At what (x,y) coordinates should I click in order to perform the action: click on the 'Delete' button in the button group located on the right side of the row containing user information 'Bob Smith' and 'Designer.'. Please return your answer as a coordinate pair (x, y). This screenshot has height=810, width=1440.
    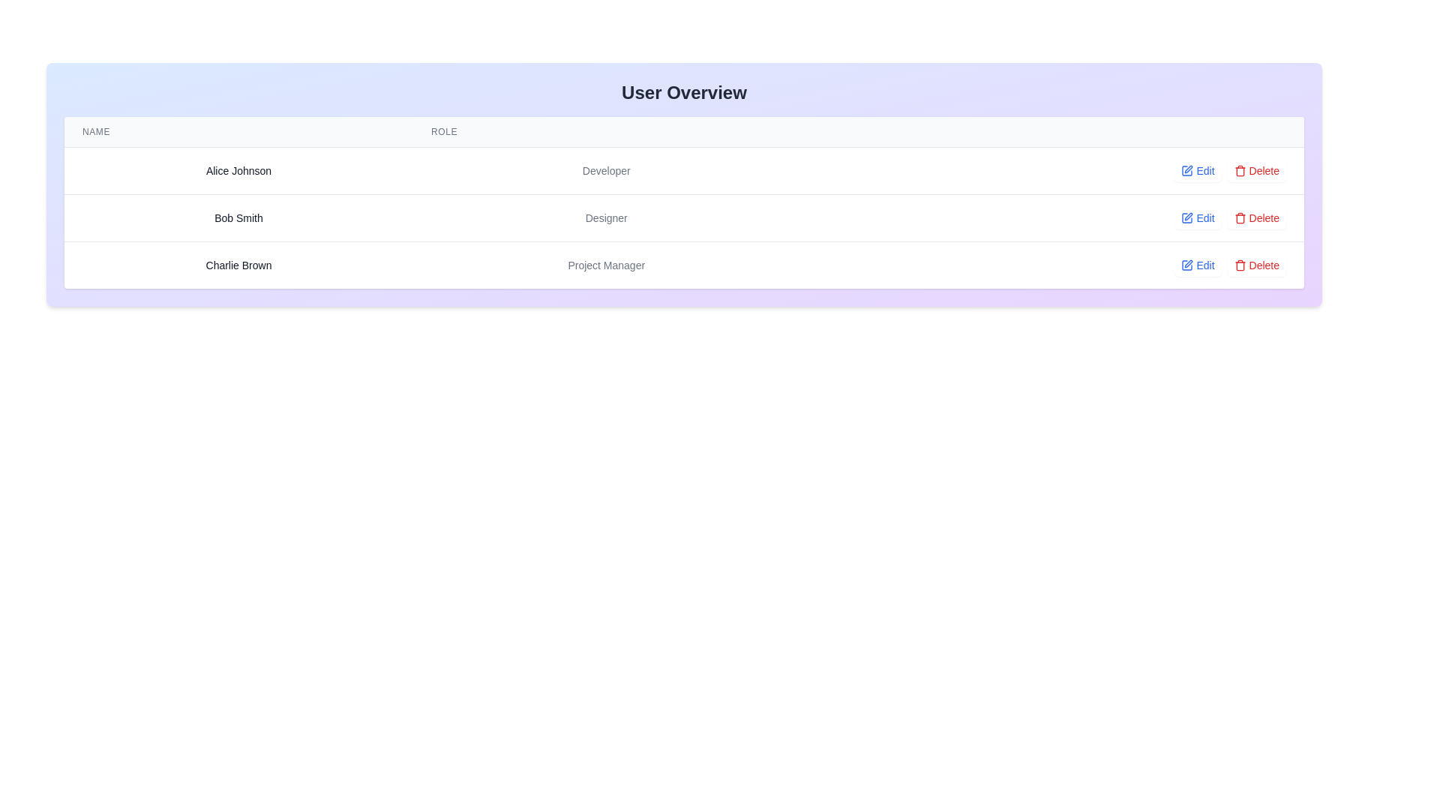
    Looking at the image, I should click on (1051, 217).